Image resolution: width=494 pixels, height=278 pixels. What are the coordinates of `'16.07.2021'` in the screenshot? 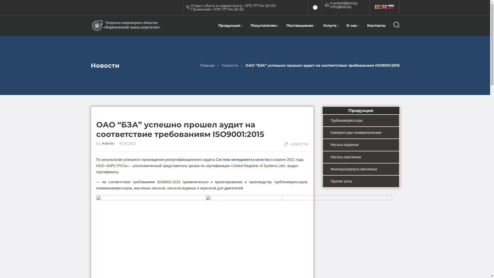 It's located at (125, 143).